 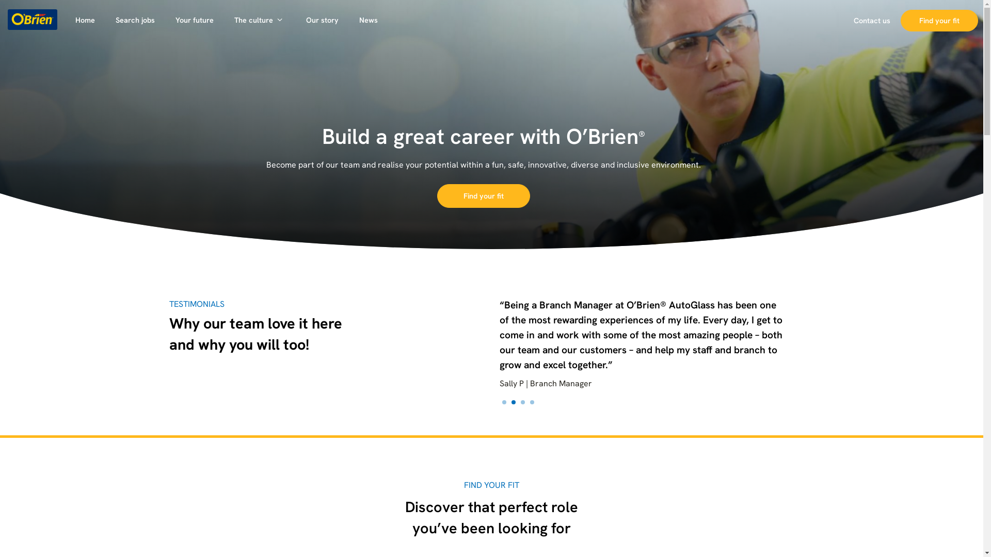 I want to click on '4', so click(x=532, y=401).